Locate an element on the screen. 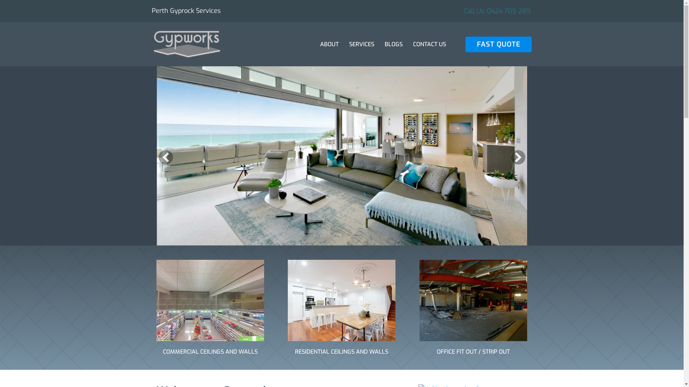 This screenshot has width=689, height=387. 'Call Us: 0424 705 289' is located at coordinates (497, 11).